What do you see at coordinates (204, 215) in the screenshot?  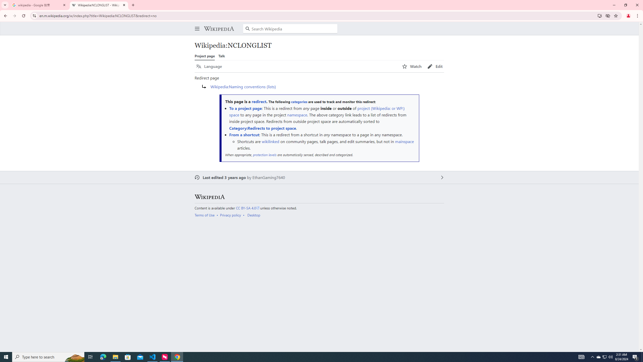 I see `'Terms of Use'` at bounding box center [204, 215].